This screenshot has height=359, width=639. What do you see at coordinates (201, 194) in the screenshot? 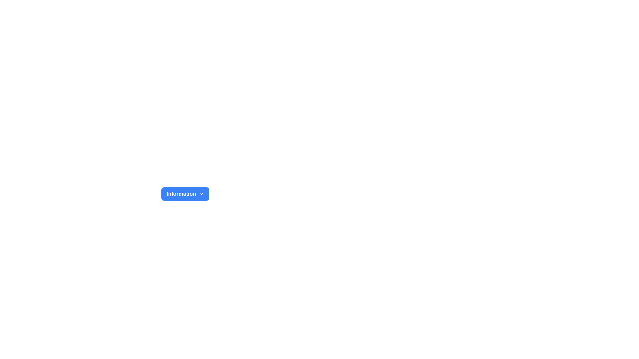
I see `the chevron icon located within the blue 'Information' button` at bounding box center [201, 194].